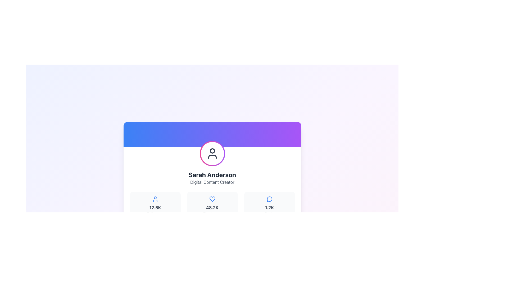 The width and height of the screenshot is (508, 286). I want to click on any interactive sub-element within the Achievement display section located below the user statistics section on the profile card, so click(212, 248).